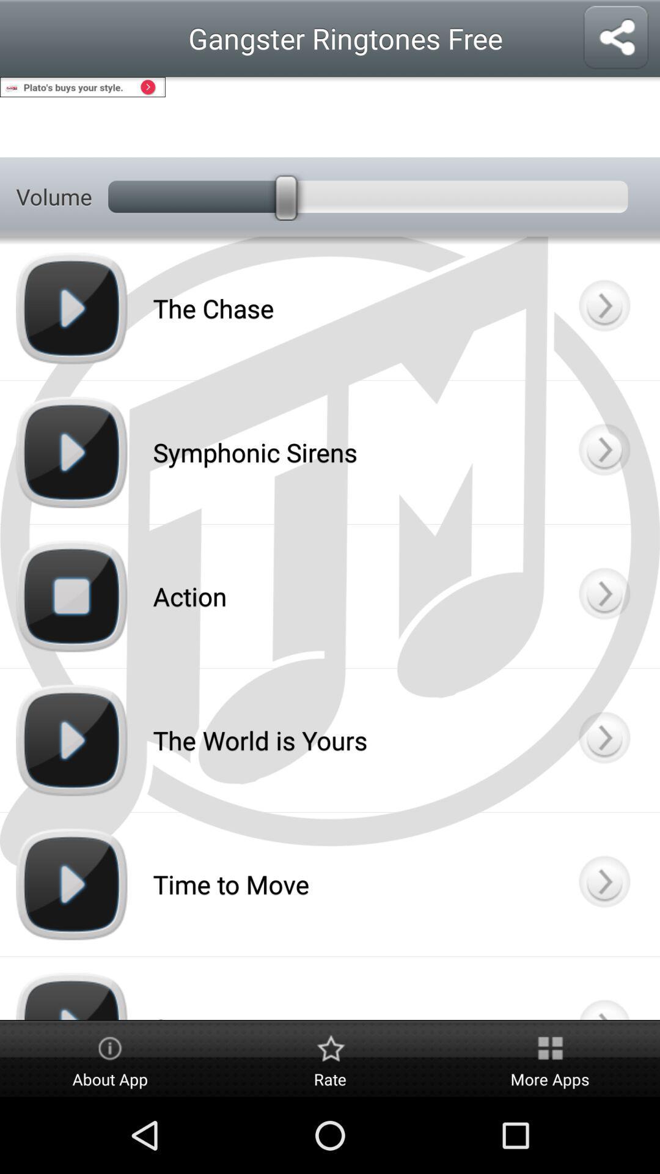 The width and height of the screenshot is (660, 1174). What do you see at coordinates (330, 117) in the screenshot?
I see `settings` at bounding box center [330, 117].